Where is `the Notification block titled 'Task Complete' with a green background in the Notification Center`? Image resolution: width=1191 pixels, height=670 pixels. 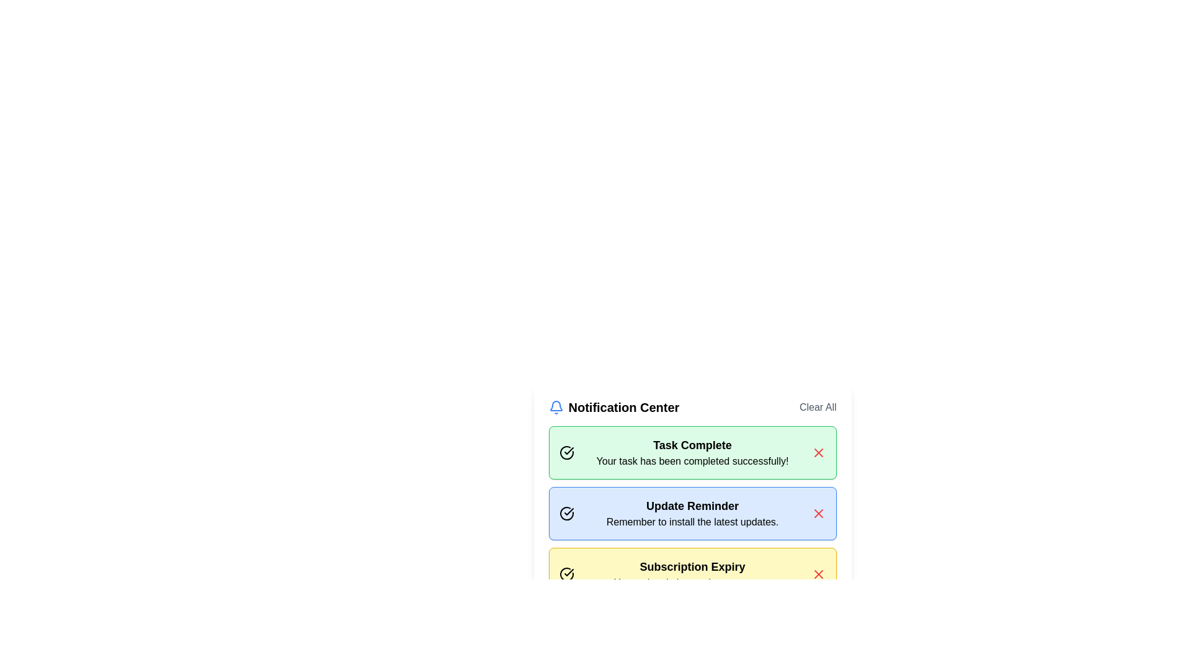 the Notification block titled 'Task Complete' with a green background in the Notification Center is located at coordinates (692, 474).